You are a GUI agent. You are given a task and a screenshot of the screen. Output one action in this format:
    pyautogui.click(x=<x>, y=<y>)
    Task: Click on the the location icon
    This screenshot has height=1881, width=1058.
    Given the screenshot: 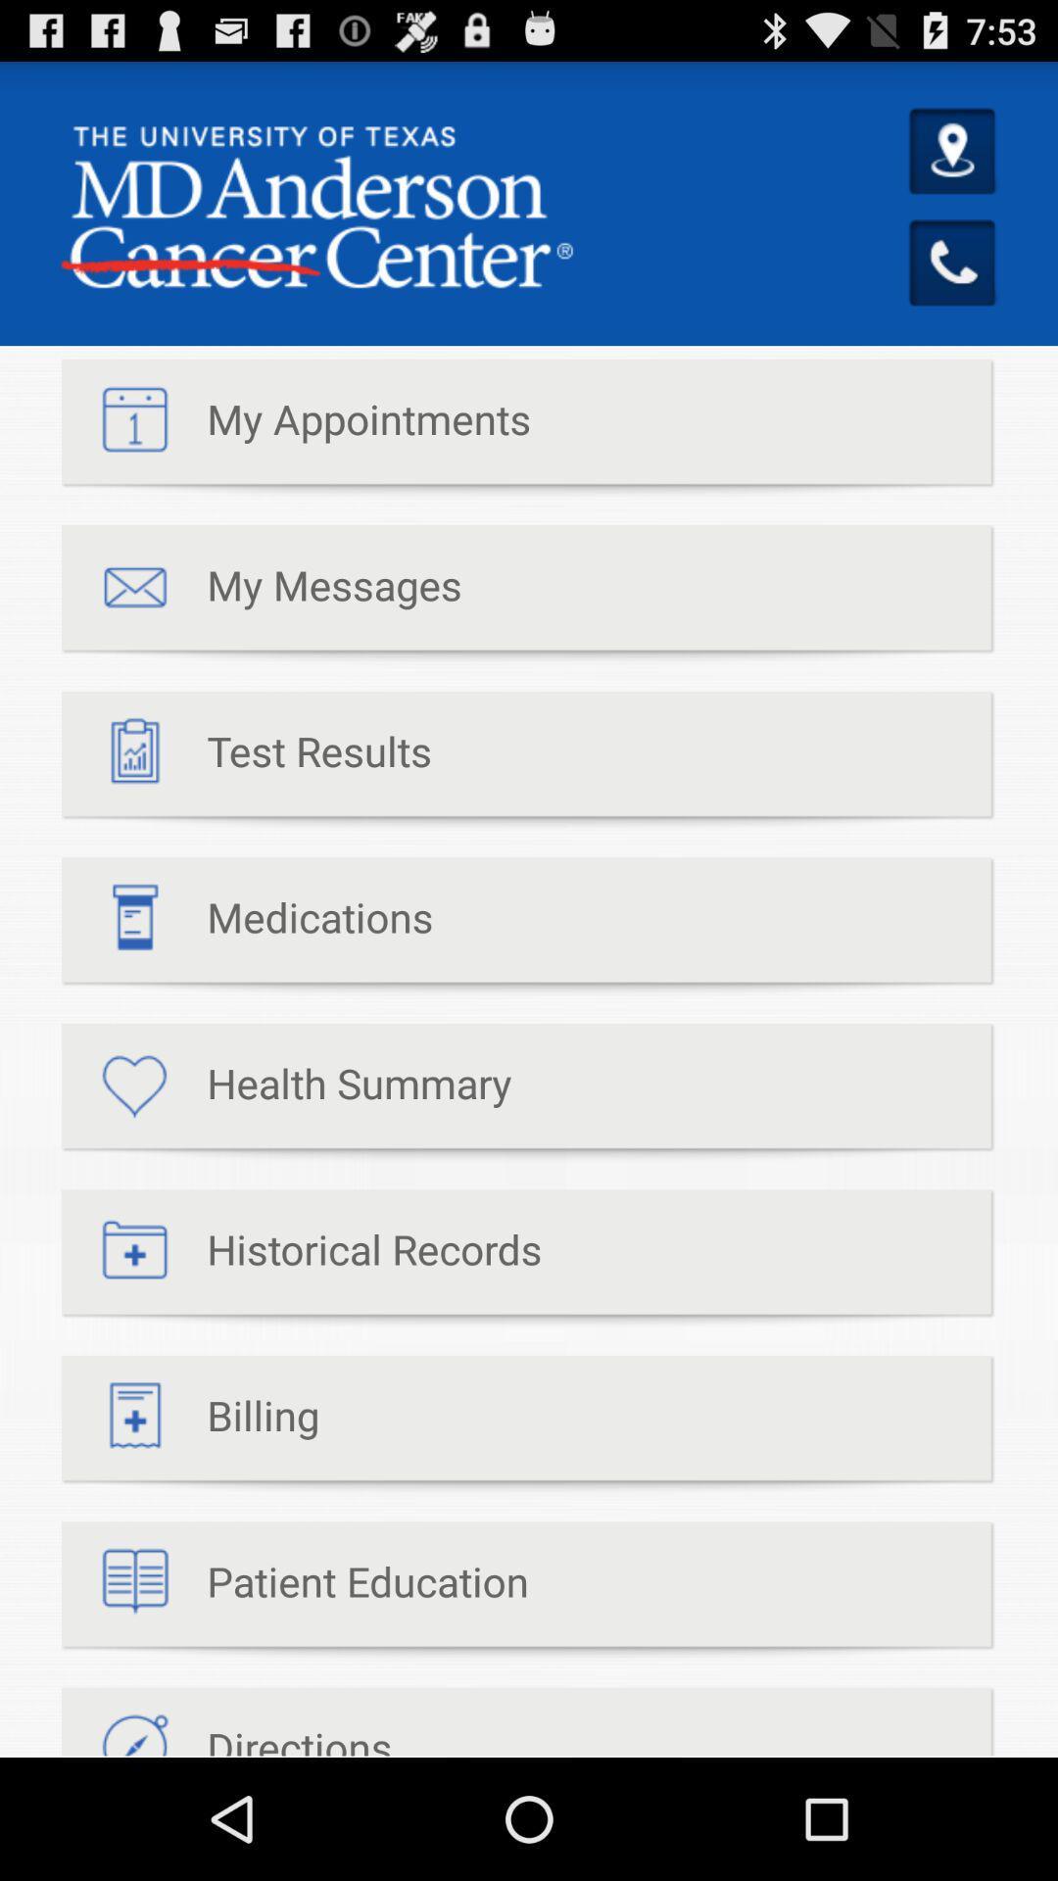 What is the action you would take?
    pyautogui.click(x=953, y=169)
    